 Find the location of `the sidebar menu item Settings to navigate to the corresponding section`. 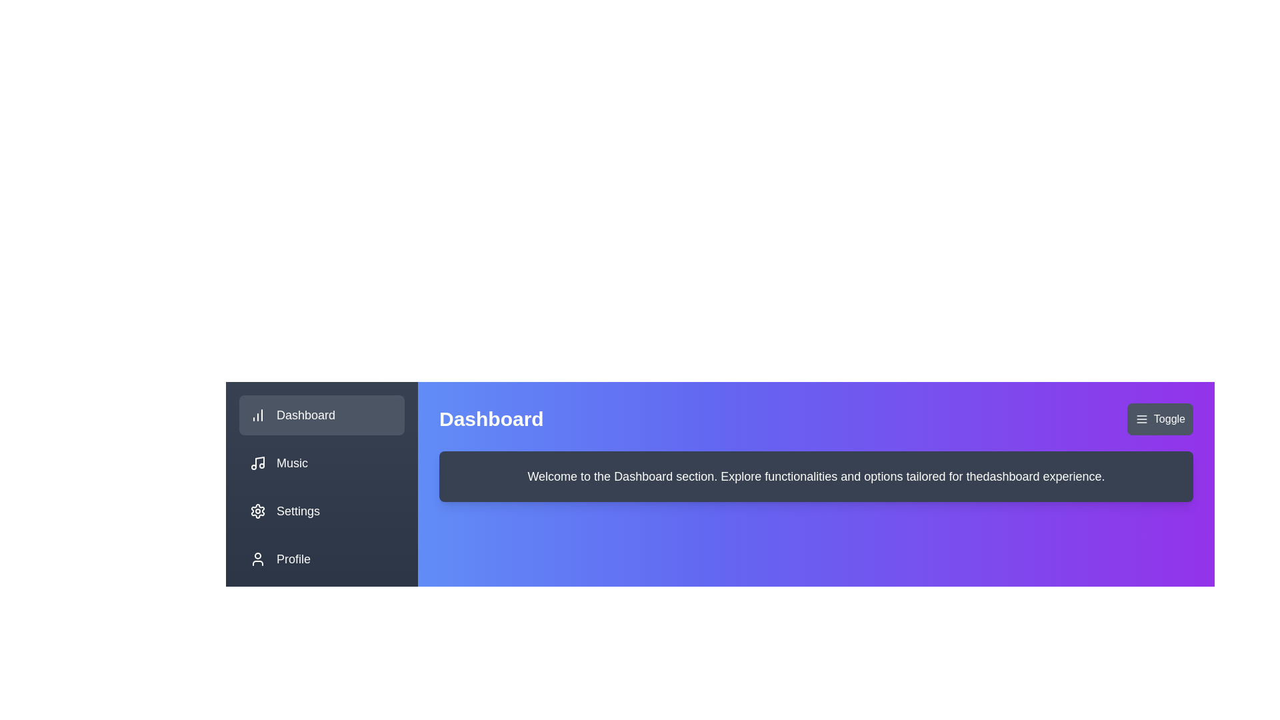

the sidebar menu item Settings to navigate to the corresponding section is located at coordinates (322, 511).